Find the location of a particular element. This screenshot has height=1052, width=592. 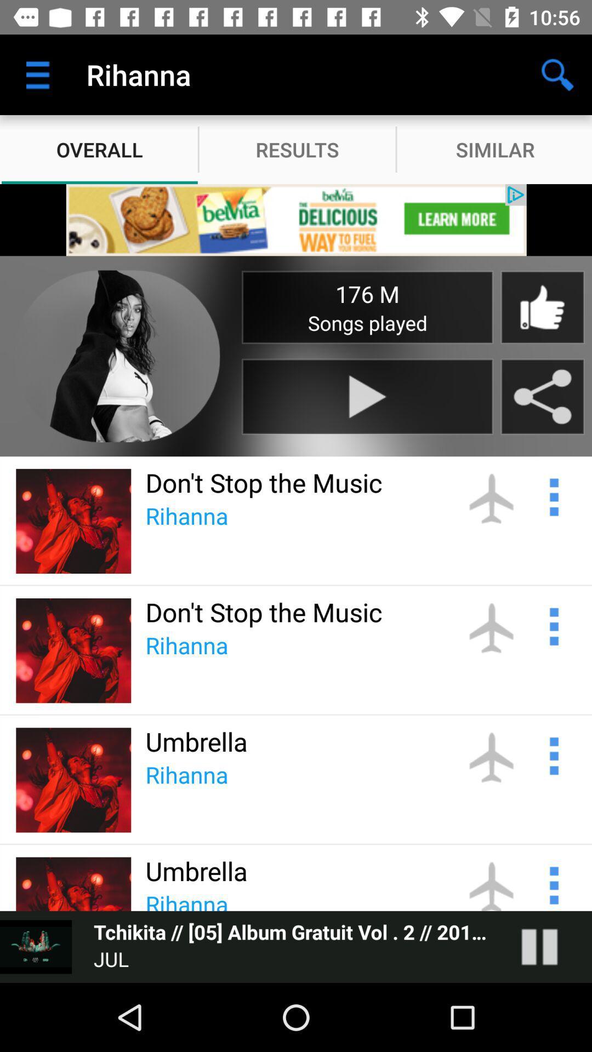

share button is located at coordinates (543, 396).